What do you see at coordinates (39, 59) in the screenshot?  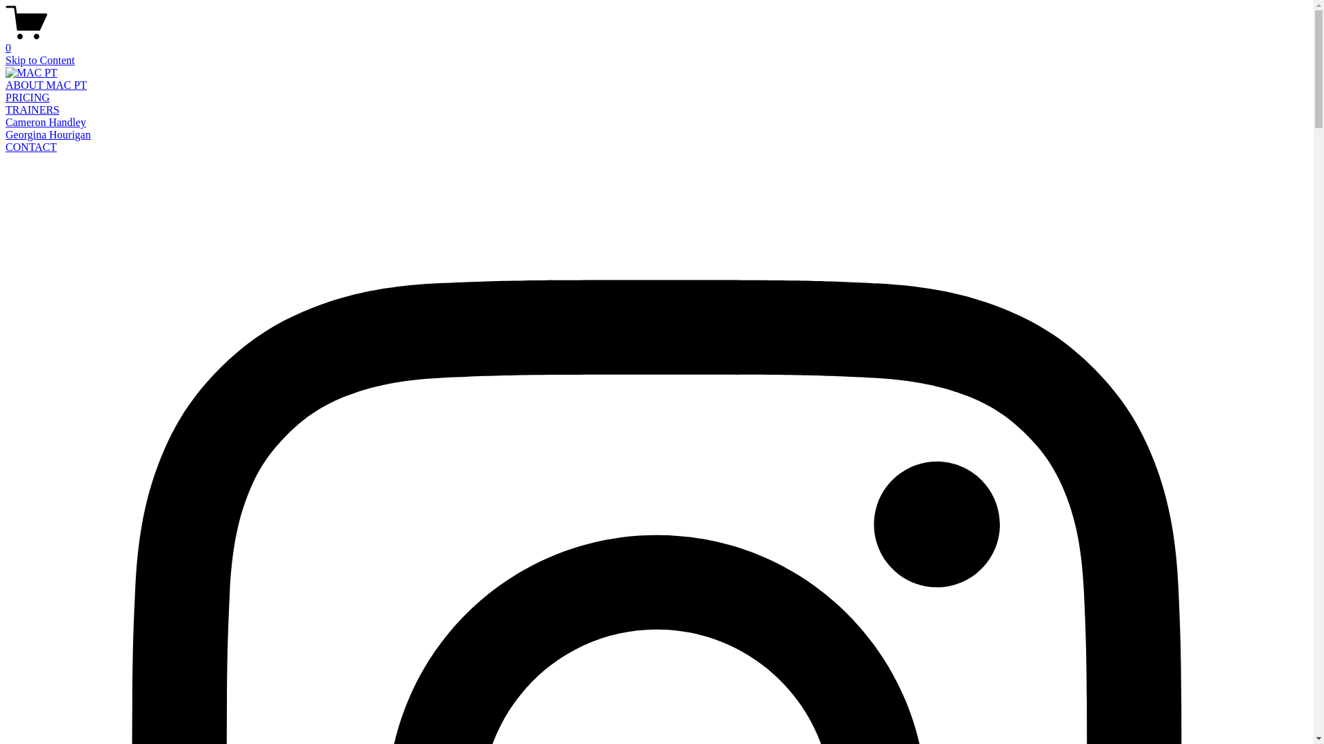 I see `'Skip to Content'` at bounding box center [39, 59].